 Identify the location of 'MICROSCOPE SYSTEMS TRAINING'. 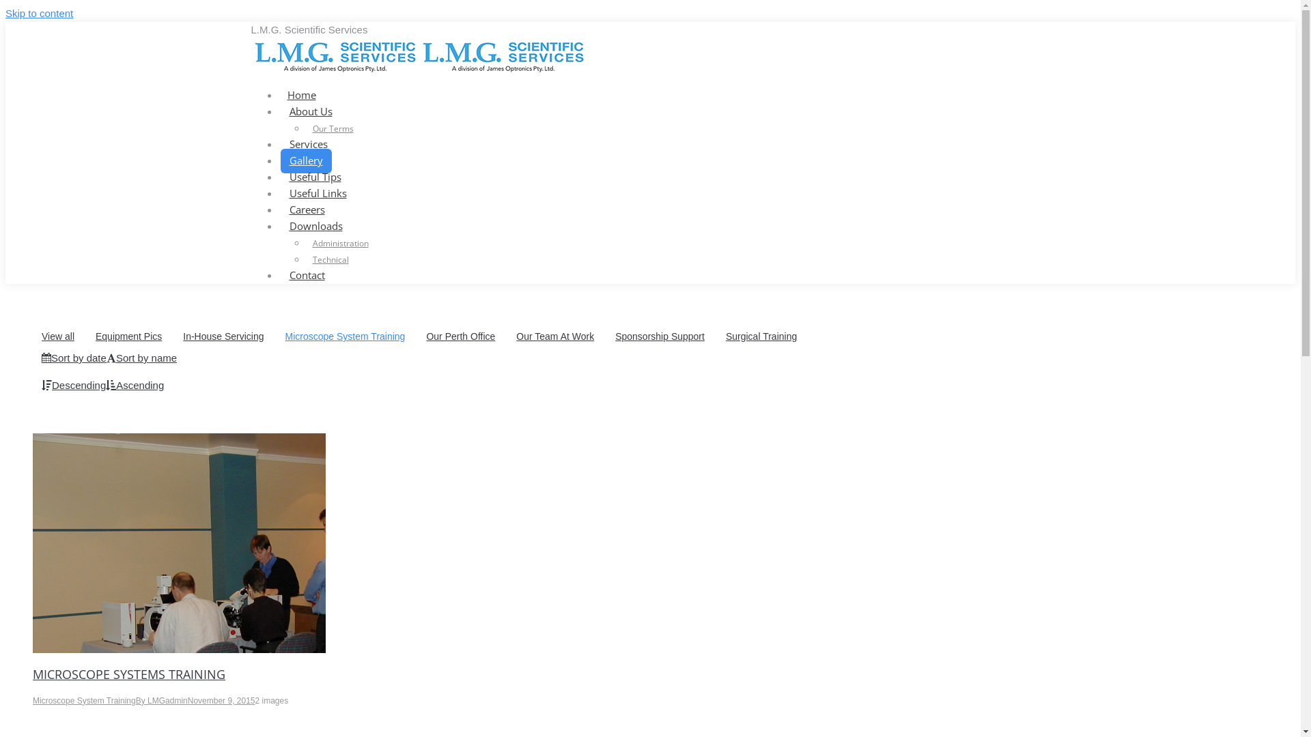
(128, 673).